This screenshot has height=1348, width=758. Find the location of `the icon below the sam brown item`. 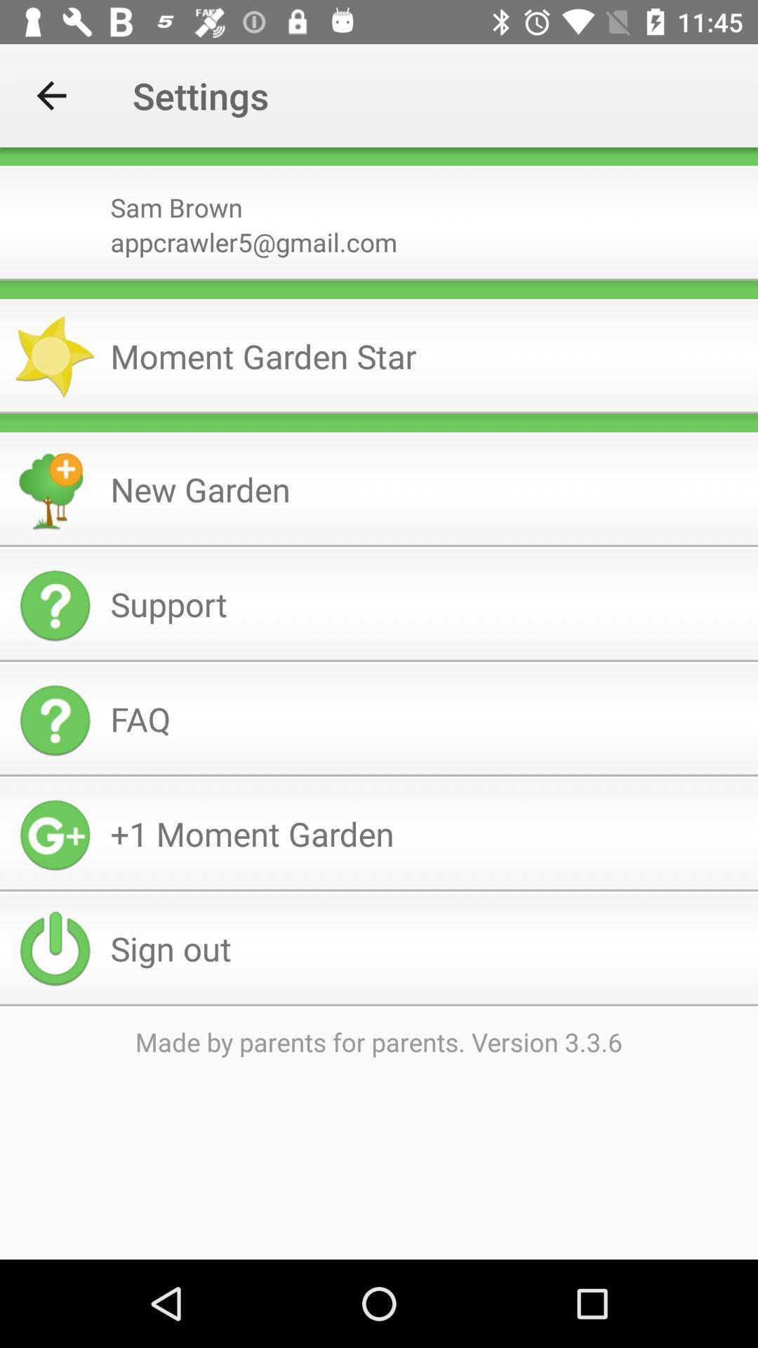

the icon below the sam brown item is located at coordinates (427, 242).